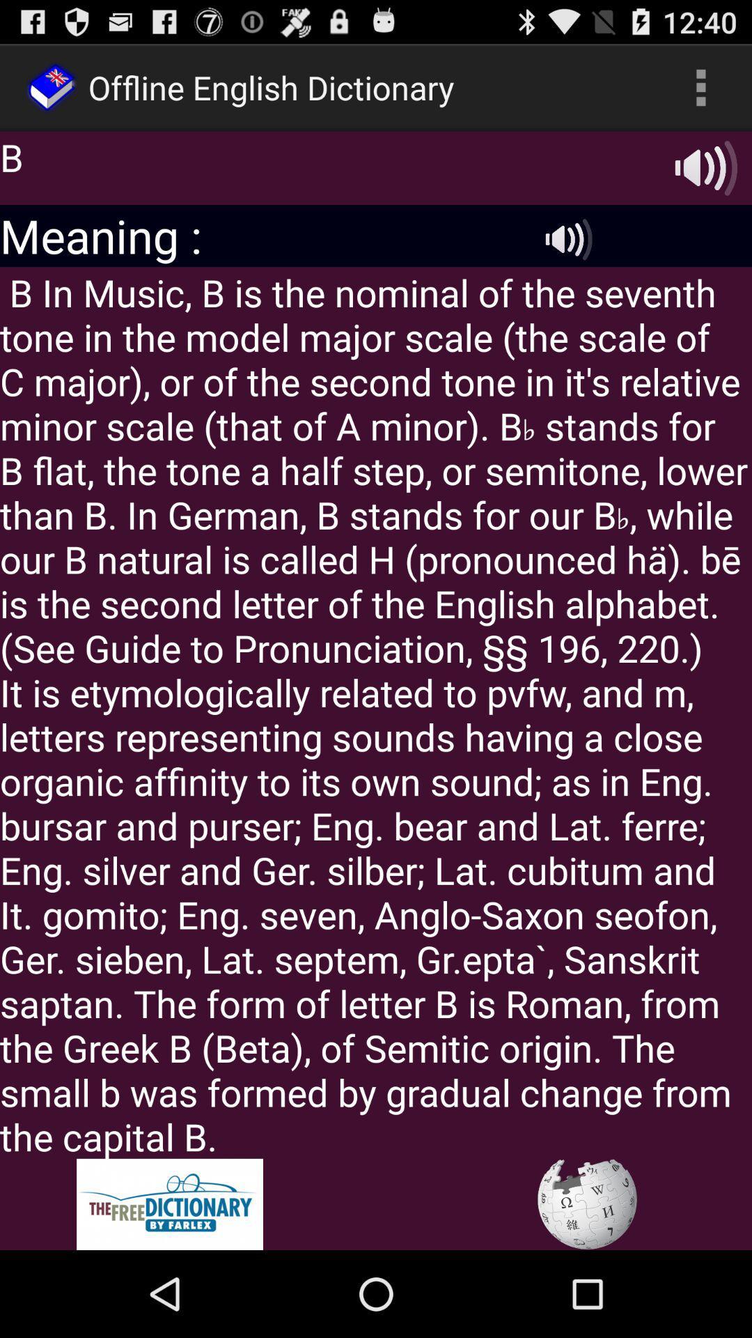 The height and width of the screenshot is (1338, 752). Describe the element at coordinates (700, 86) in the screenshot. I see `app to the right of the offline english dictionary item` at that location.